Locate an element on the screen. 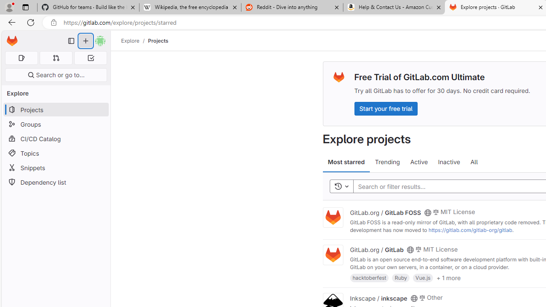  'hacktoberfest' is located at coordinates (369, 278).